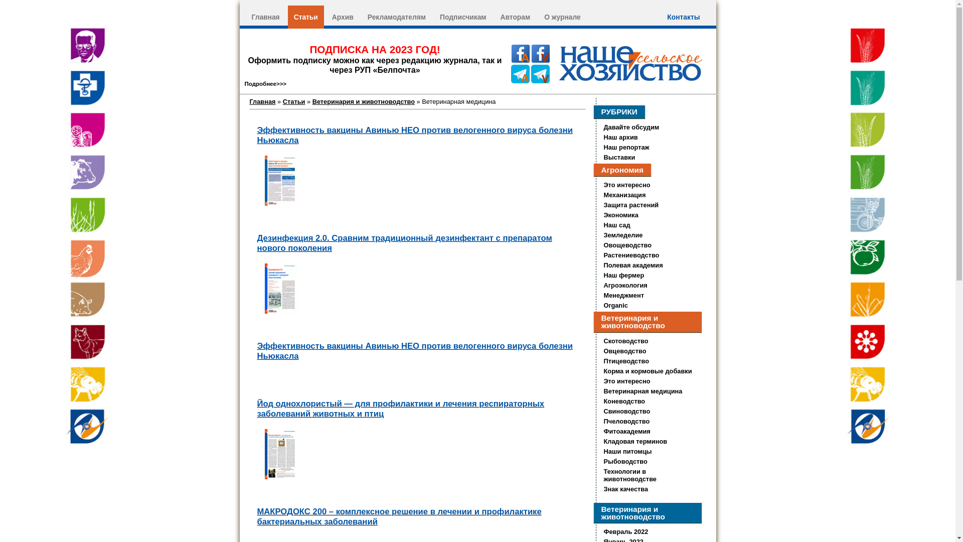  What do you see at coordinates (615, 305) in the screenshot?
I see `'Organic'` at bounding box center [615, 305].